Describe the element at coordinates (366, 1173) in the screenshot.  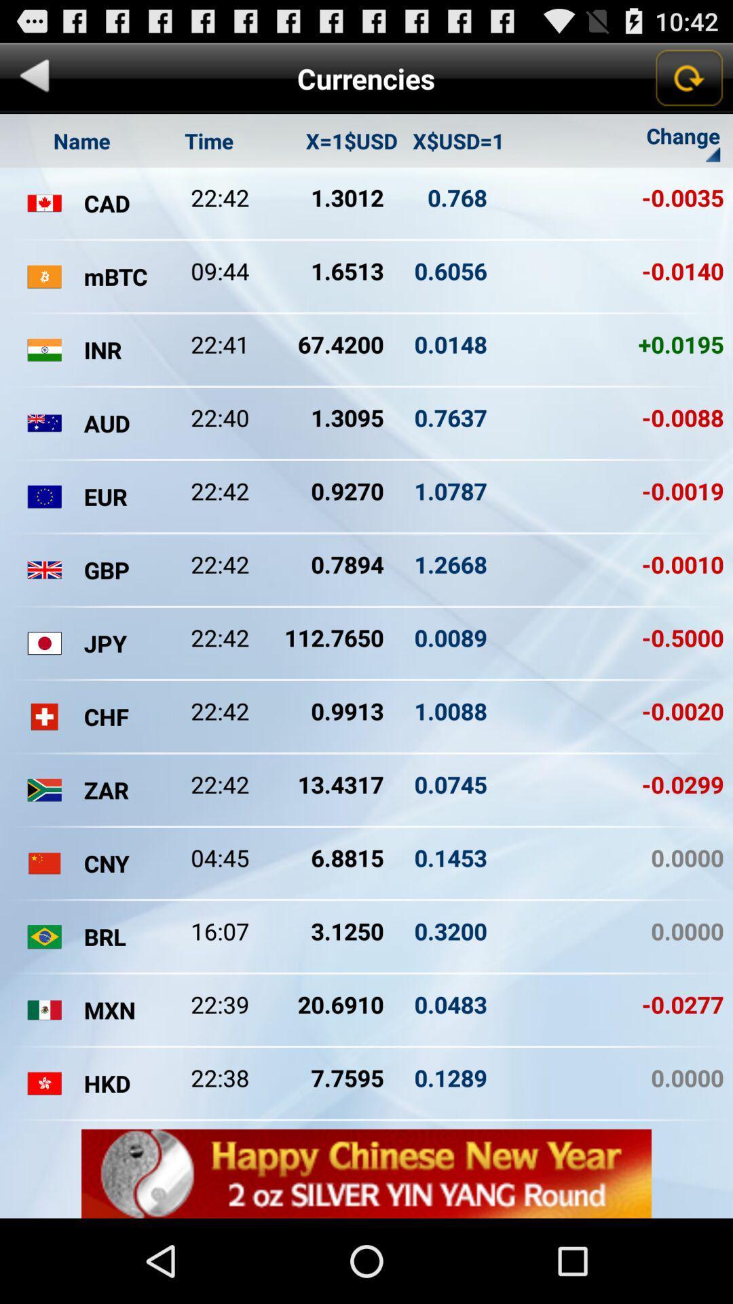
I see `click advertisement` at that location.